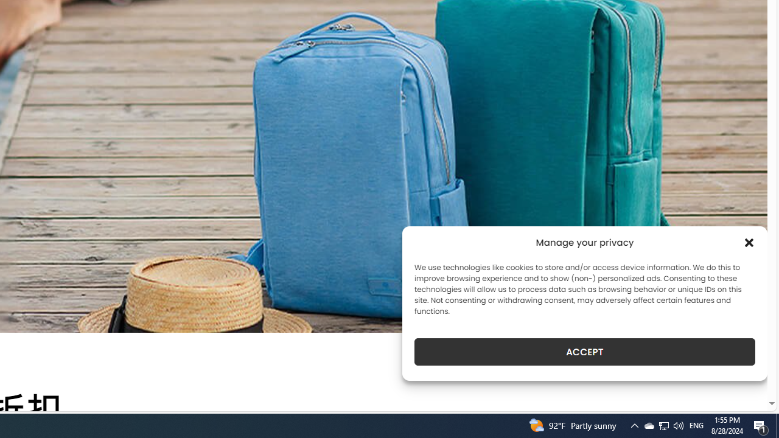 Image resolution: width=779 pixels, height=438 pixels. What do you see at coordinates (749, 242) in the screenshot?
I see `'Class: cmplz-close'` at bounding box center [749, 242].